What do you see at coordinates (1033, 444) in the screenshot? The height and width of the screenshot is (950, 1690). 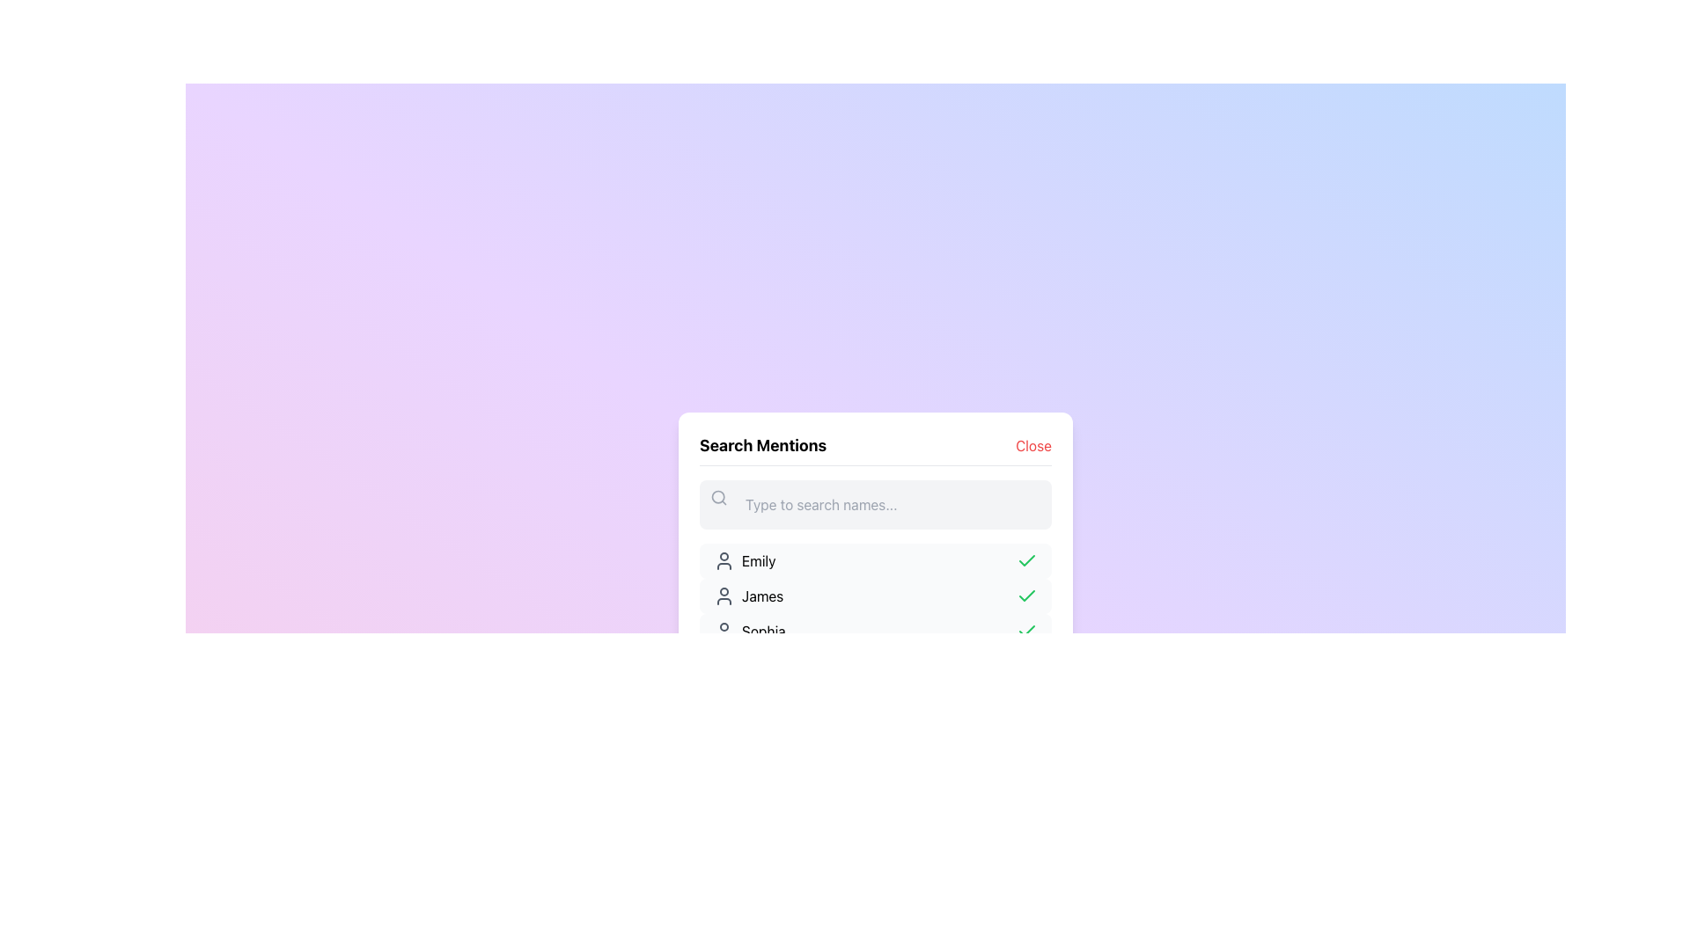 I see `the close button located in the upper-right corner of the modal header` at bounding box center [1033, 444].